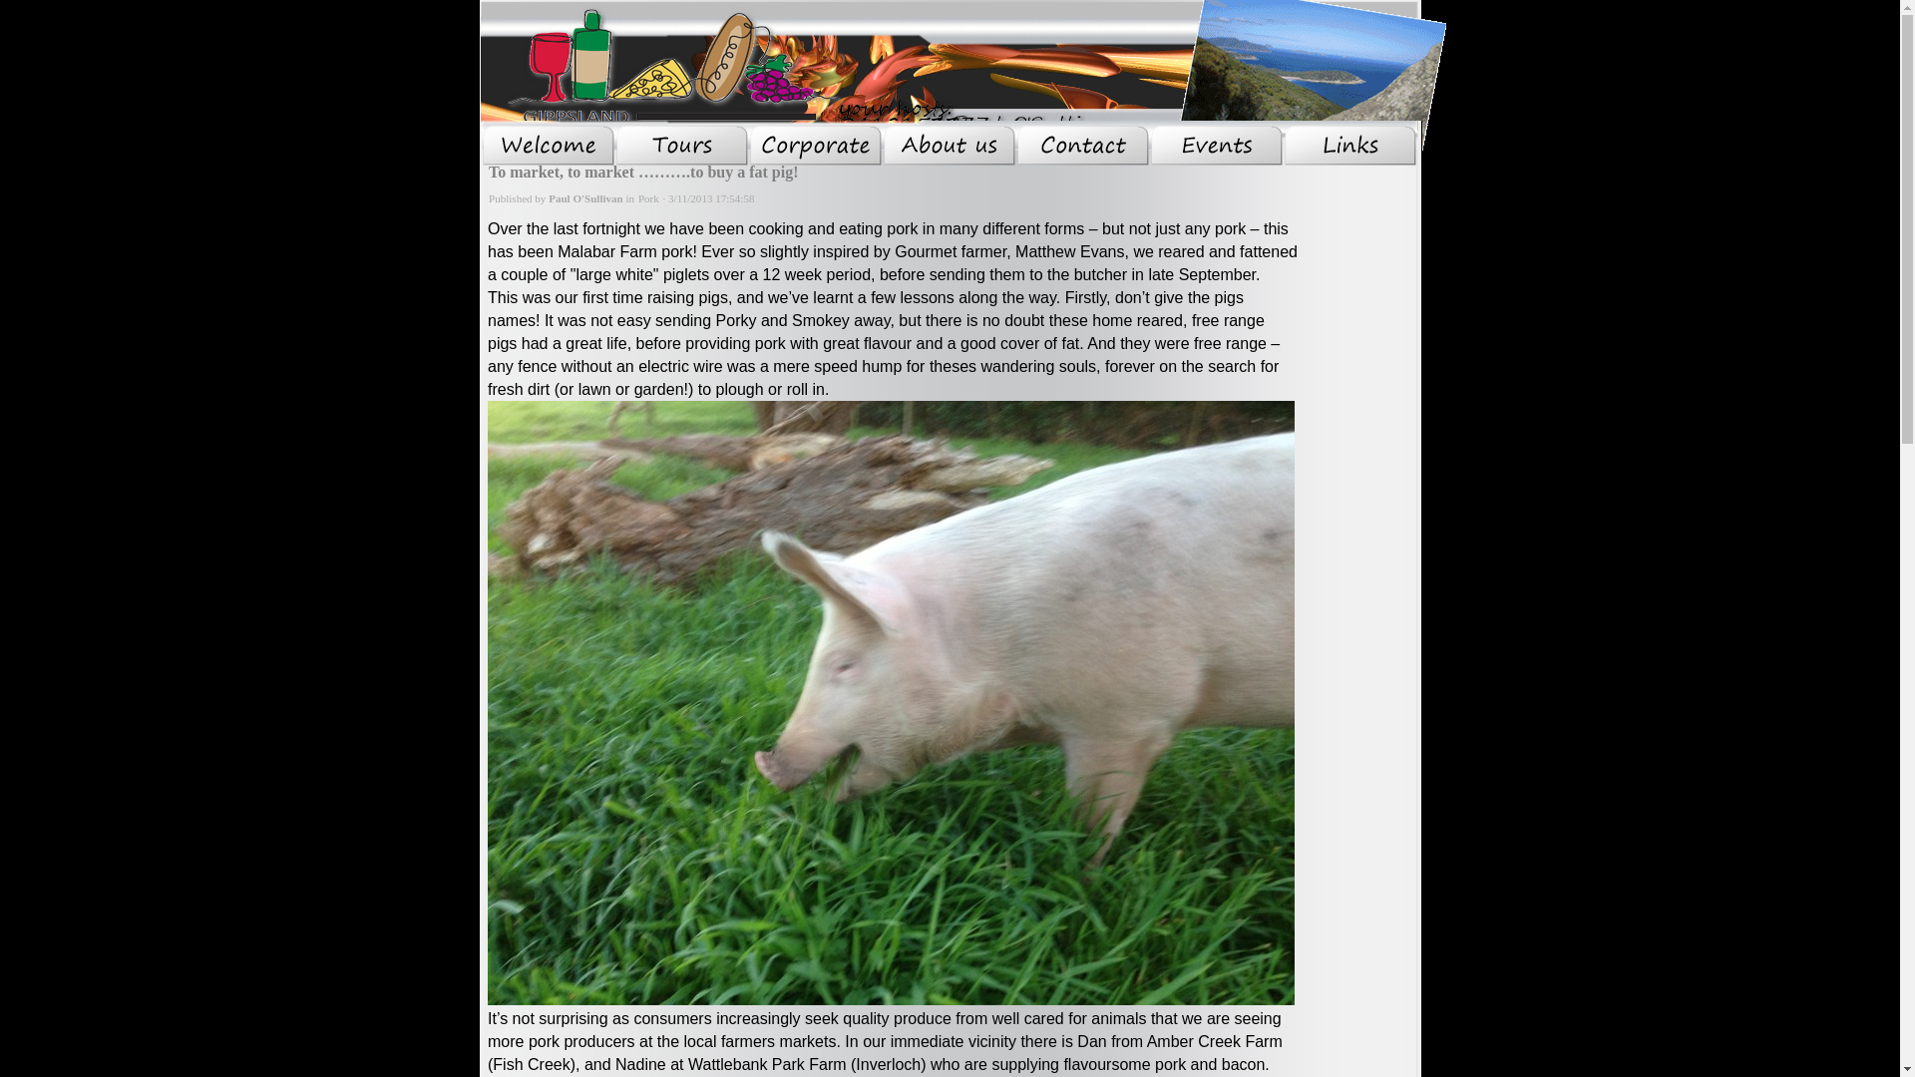 The image size is (1915, 1077). I want to click on 'Pork', so click(635, 198).